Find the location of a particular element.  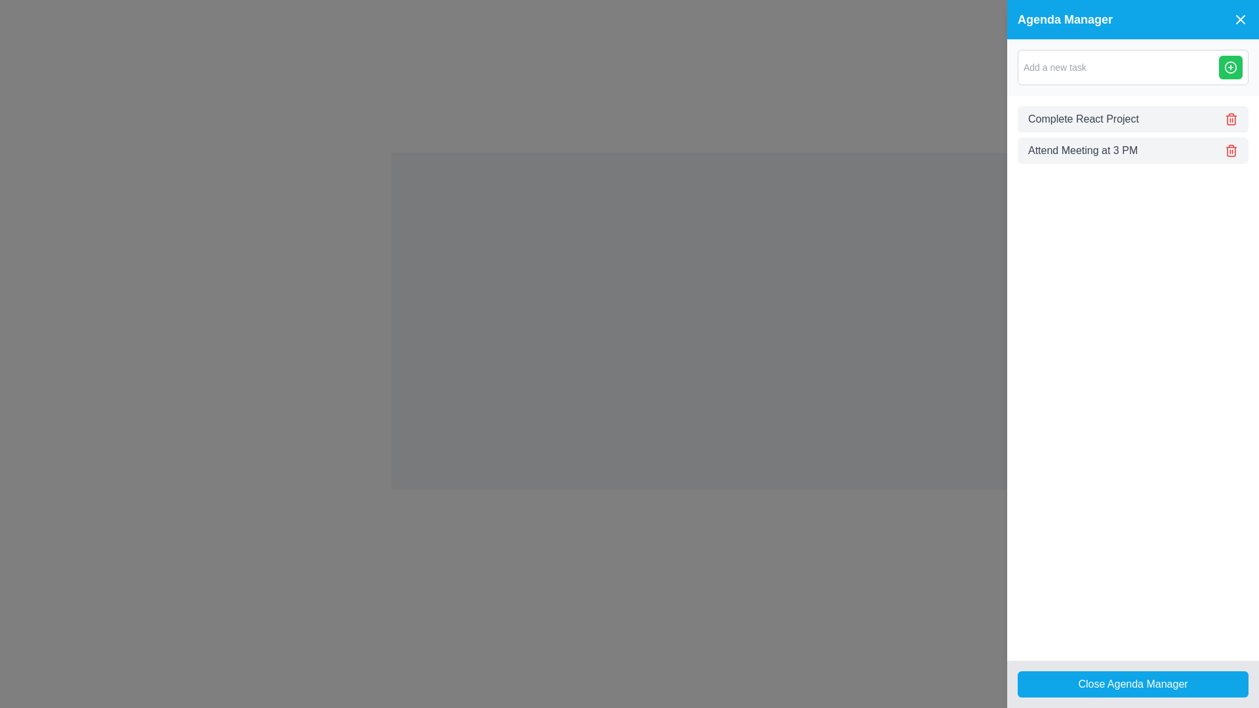

the button with rounded corners and a light blue background that says 'Close Agenda Manager' to observe its color change is located at coordinates (1132, 684).